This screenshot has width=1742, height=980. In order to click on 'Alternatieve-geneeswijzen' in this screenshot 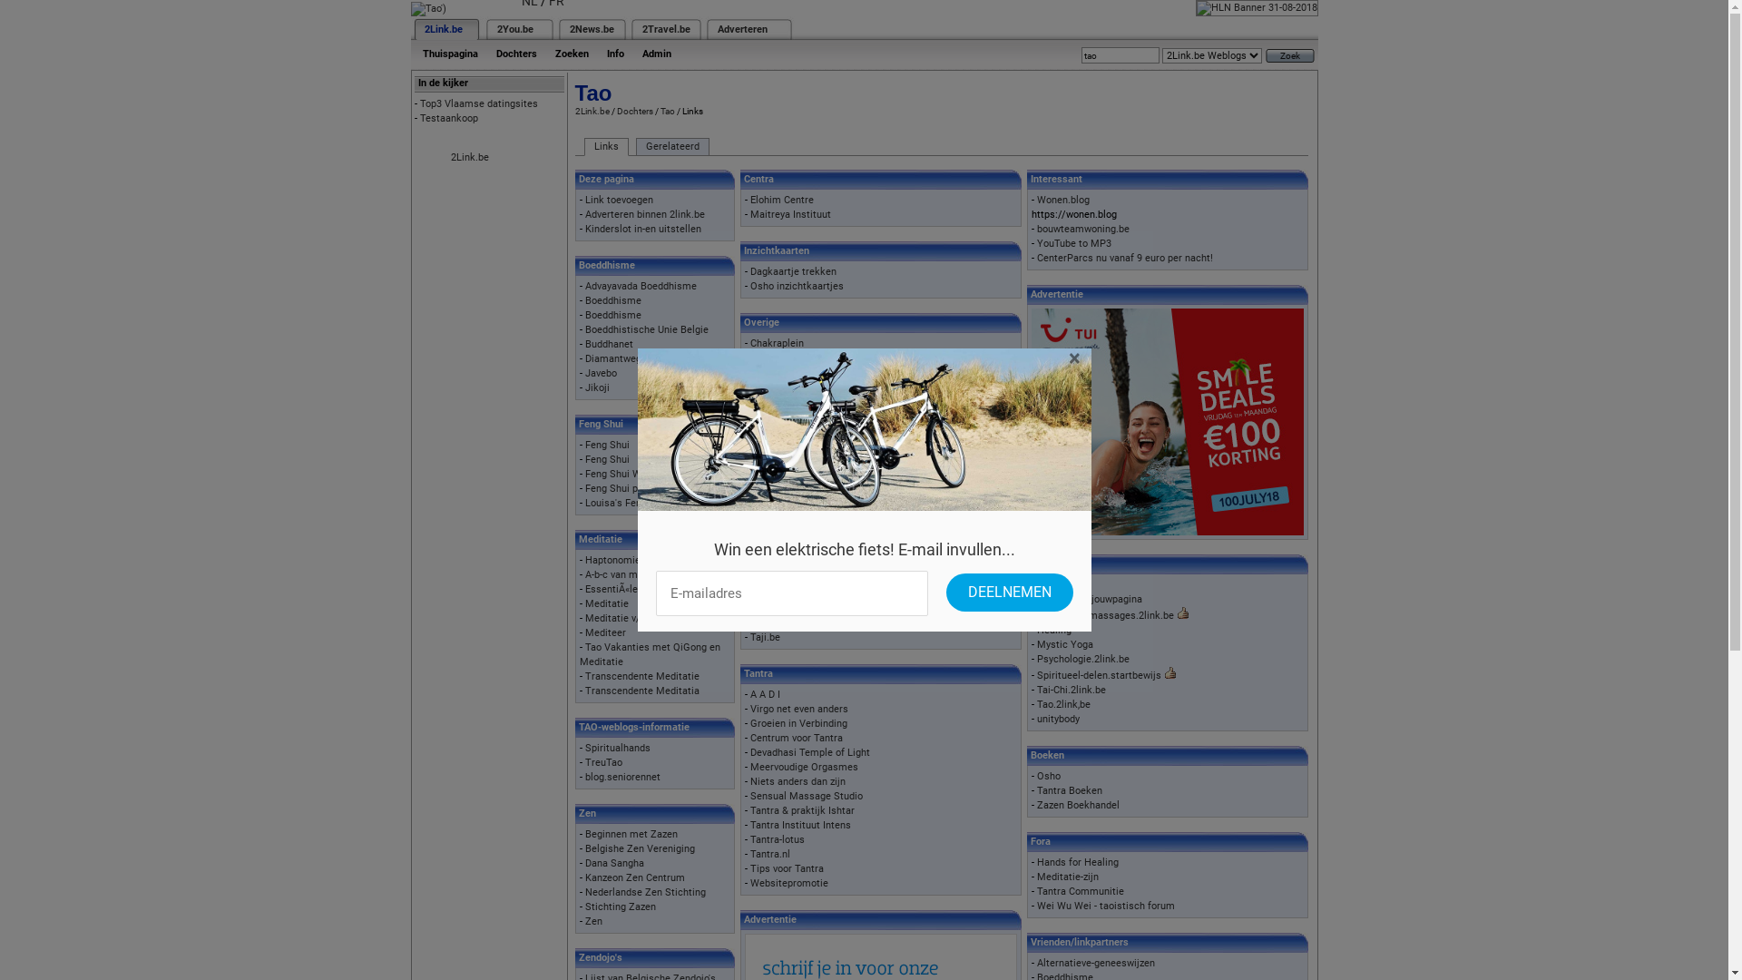, I will do `click(1093, 962)`.